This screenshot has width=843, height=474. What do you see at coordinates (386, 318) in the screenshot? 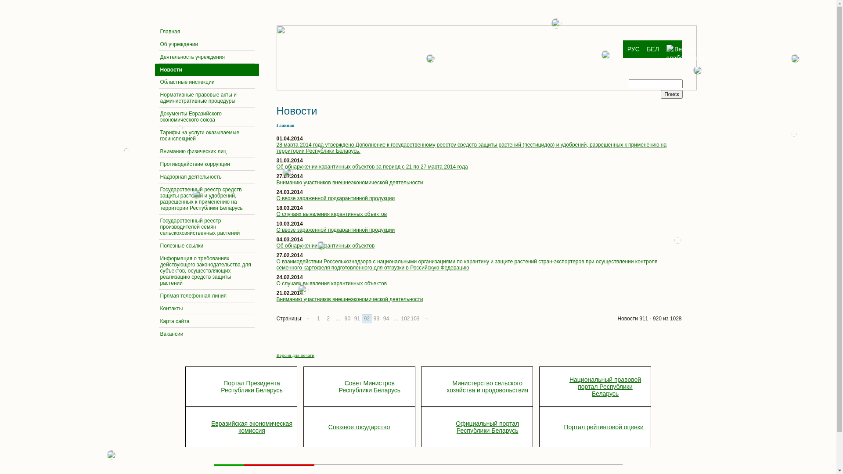
I see `'94'` at bounding box center [386, 318].